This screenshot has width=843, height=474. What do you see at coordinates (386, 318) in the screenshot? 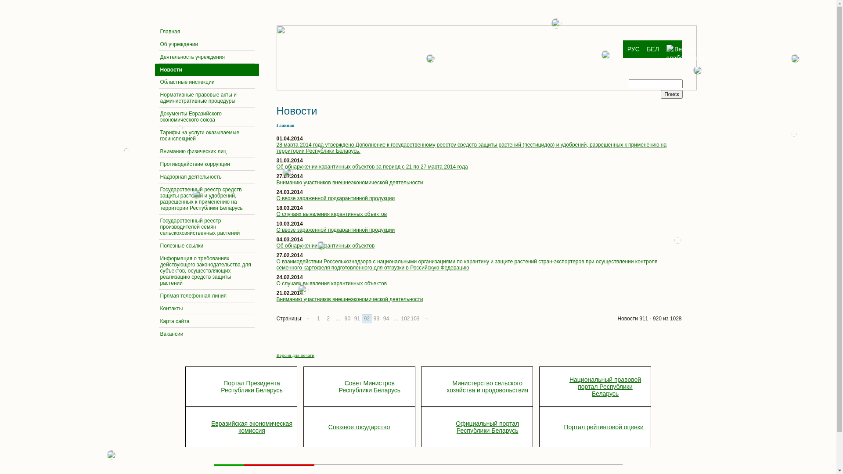
I see `'94'` at bounding box center [386, 318].